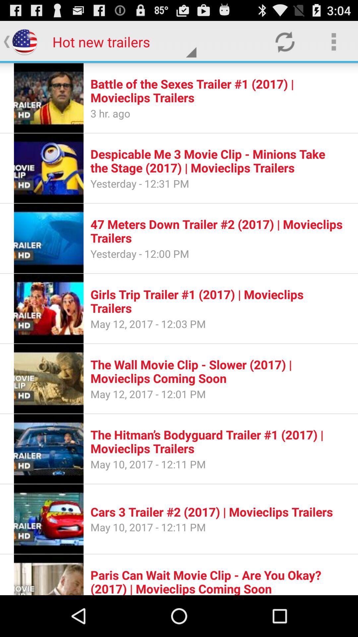  What do you see at coordinates (333, 41) in the screenshot?
I see `the app above battle of the item` at bounding box center [333, 41].